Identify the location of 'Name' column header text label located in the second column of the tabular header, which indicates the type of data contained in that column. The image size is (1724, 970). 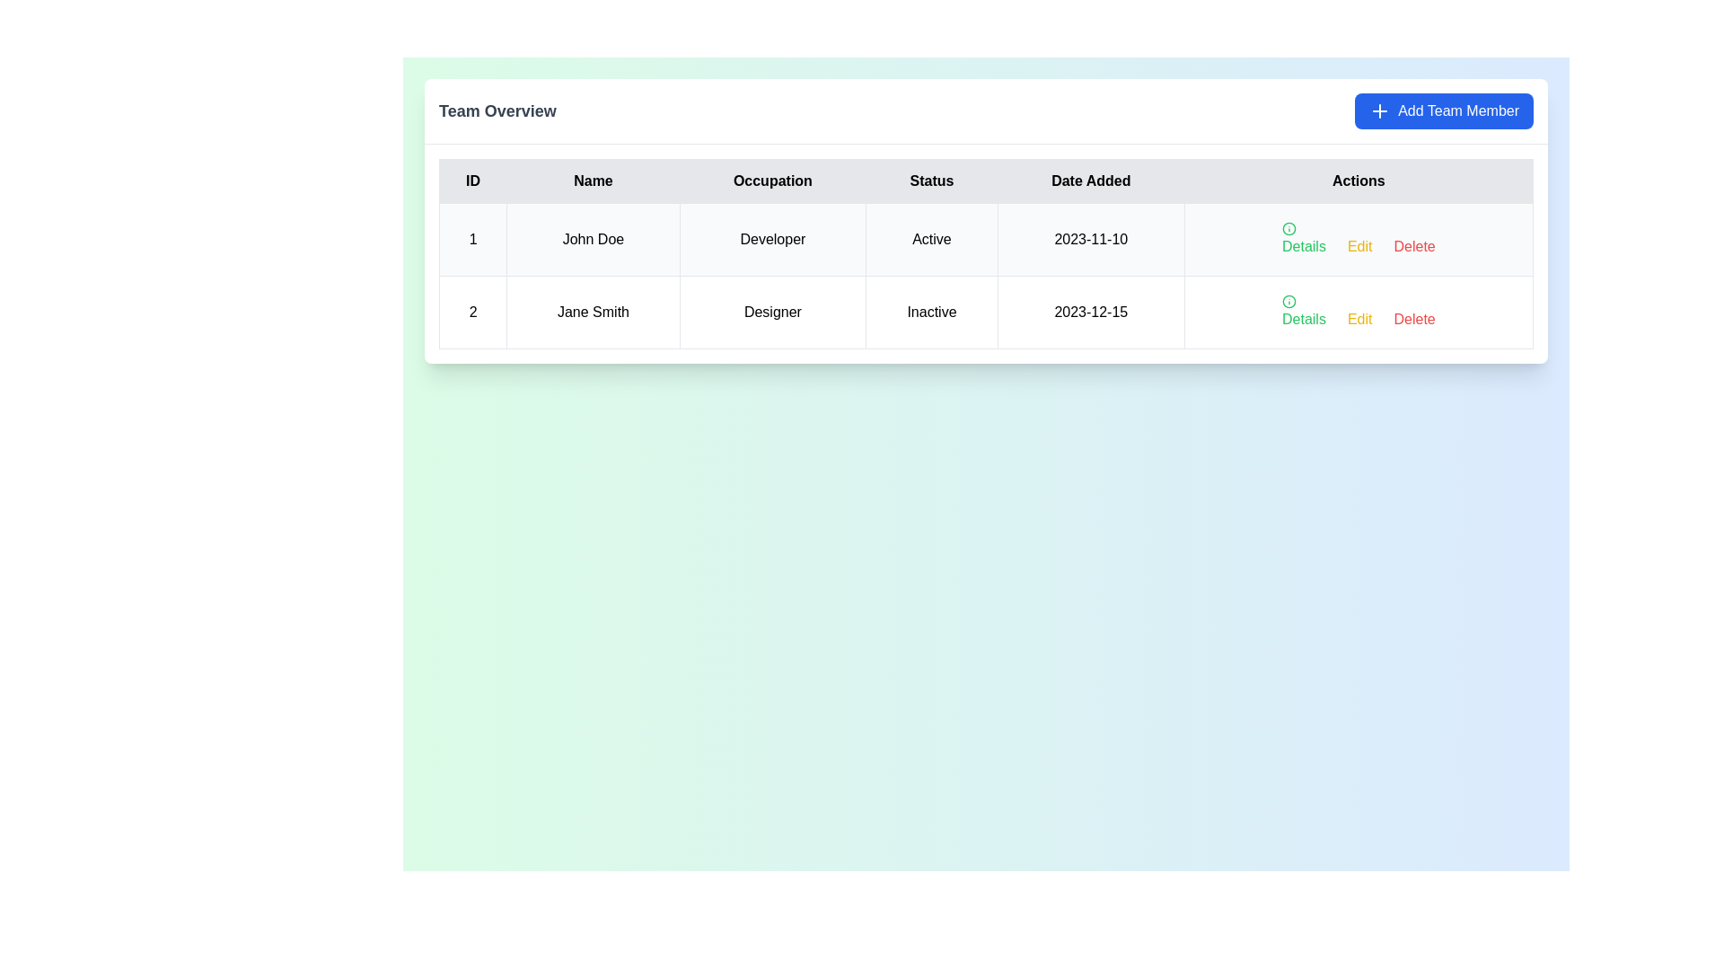
(594, 181).